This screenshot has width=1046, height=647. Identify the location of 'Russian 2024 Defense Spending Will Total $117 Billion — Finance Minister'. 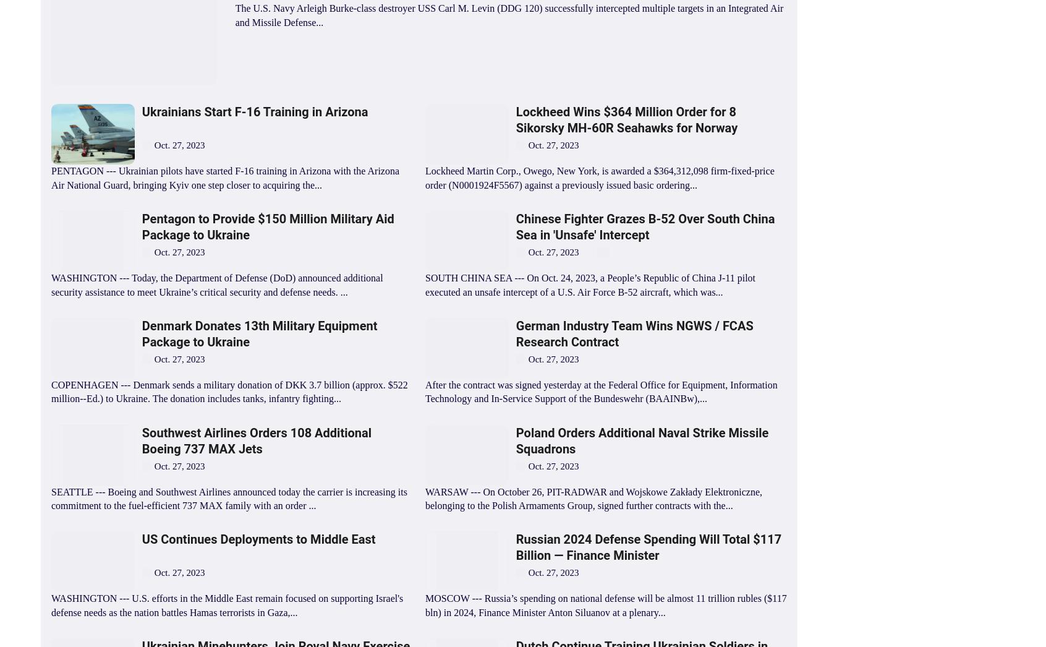
(648, 547).